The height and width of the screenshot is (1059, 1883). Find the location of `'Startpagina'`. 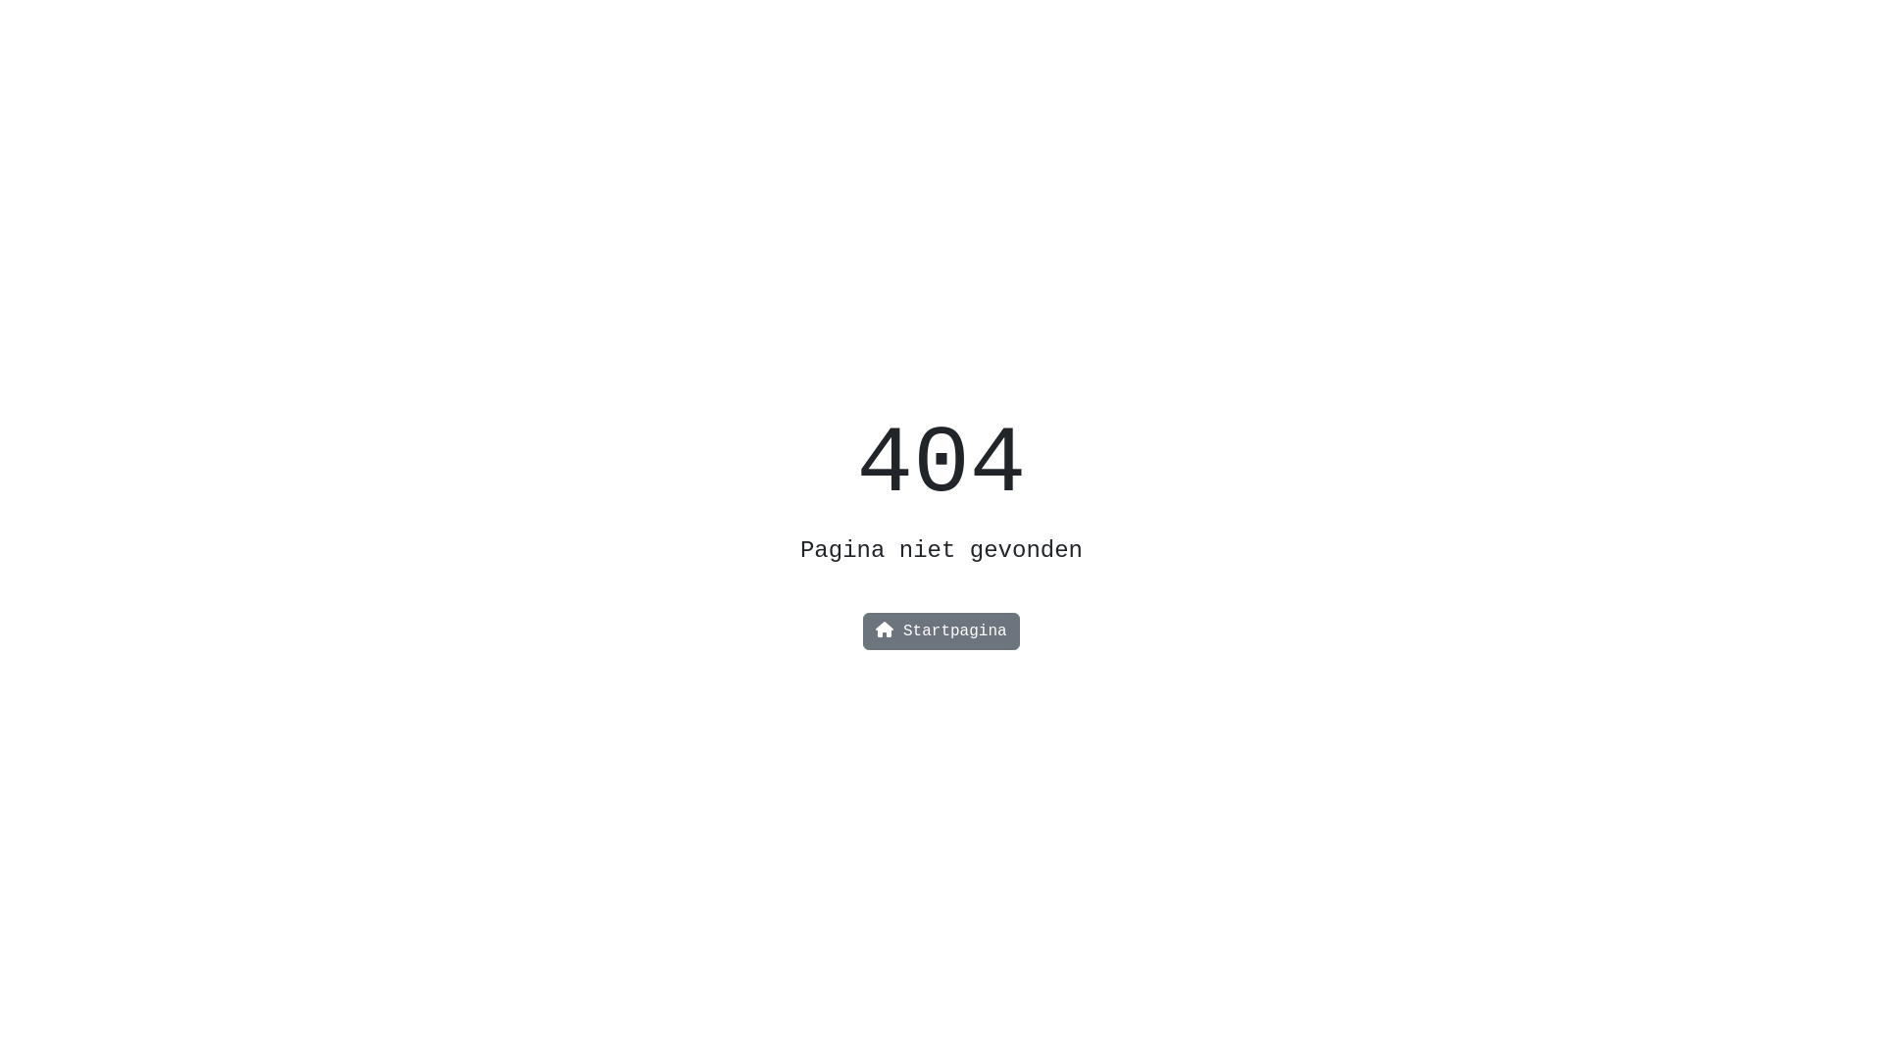

'Startpagina' is located at coordinates (868, 631).